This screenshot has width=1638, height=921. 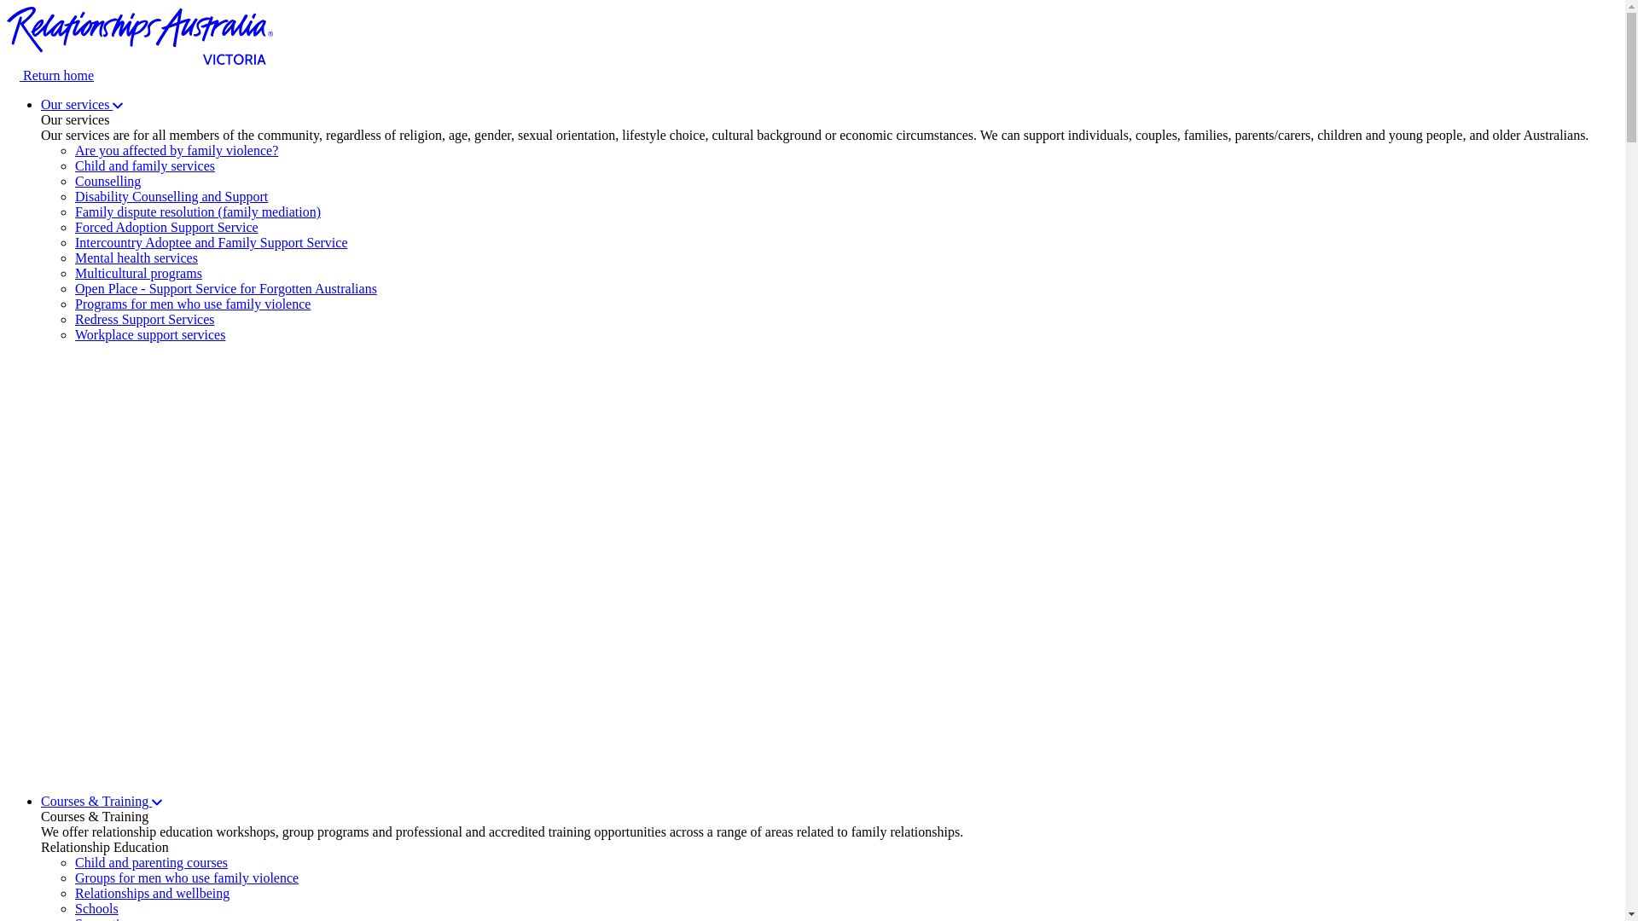 I want to click on 'Relationships and wellbeing', so click(x=152, y=892).